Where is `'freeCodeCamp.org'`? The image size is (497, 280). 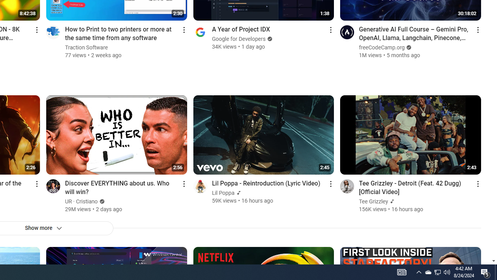 'freeCodeCamp.org' is located at coordinates (382, 47).